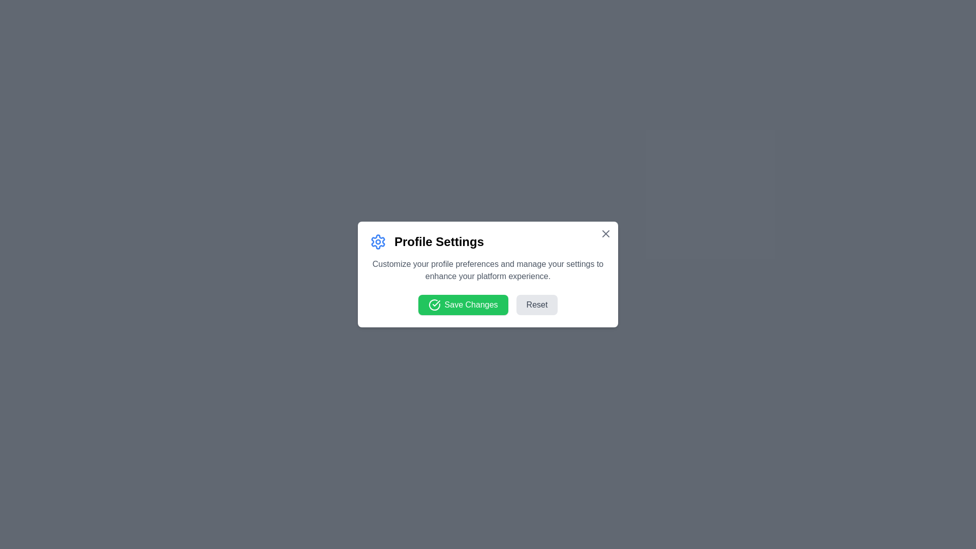 This screenshot has width=976, height=549. What do you see at coordinates (463, 304) in the screenshot?
I see `'Save Changes' button to save the settings` at bounding box center [463, 304].